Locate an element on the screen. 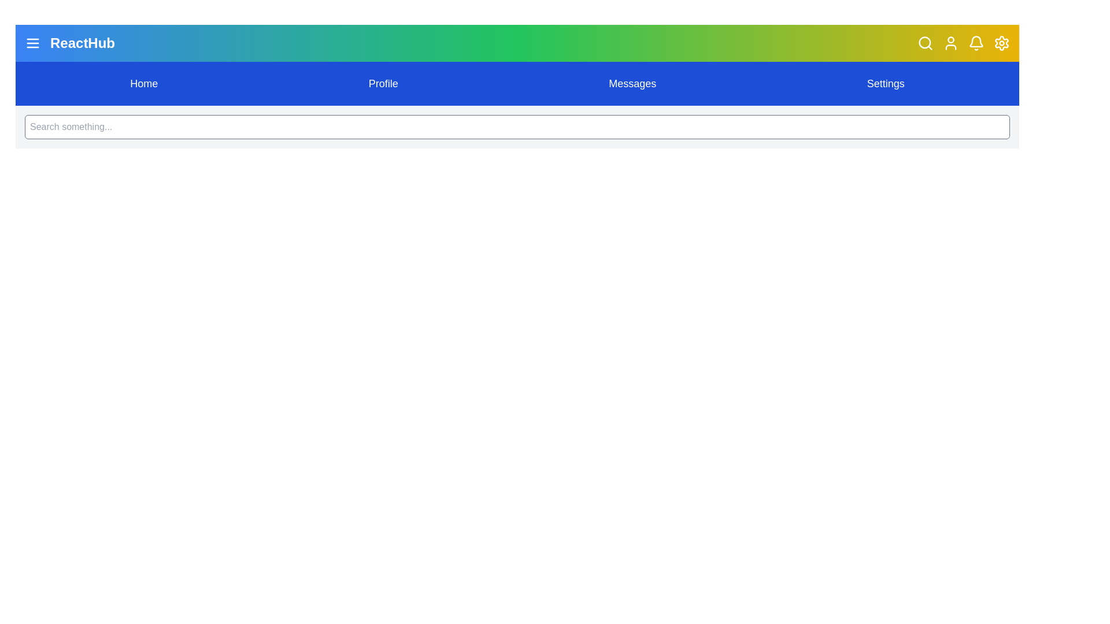  the search input field to focus on it is located at coordinates (516, 127).